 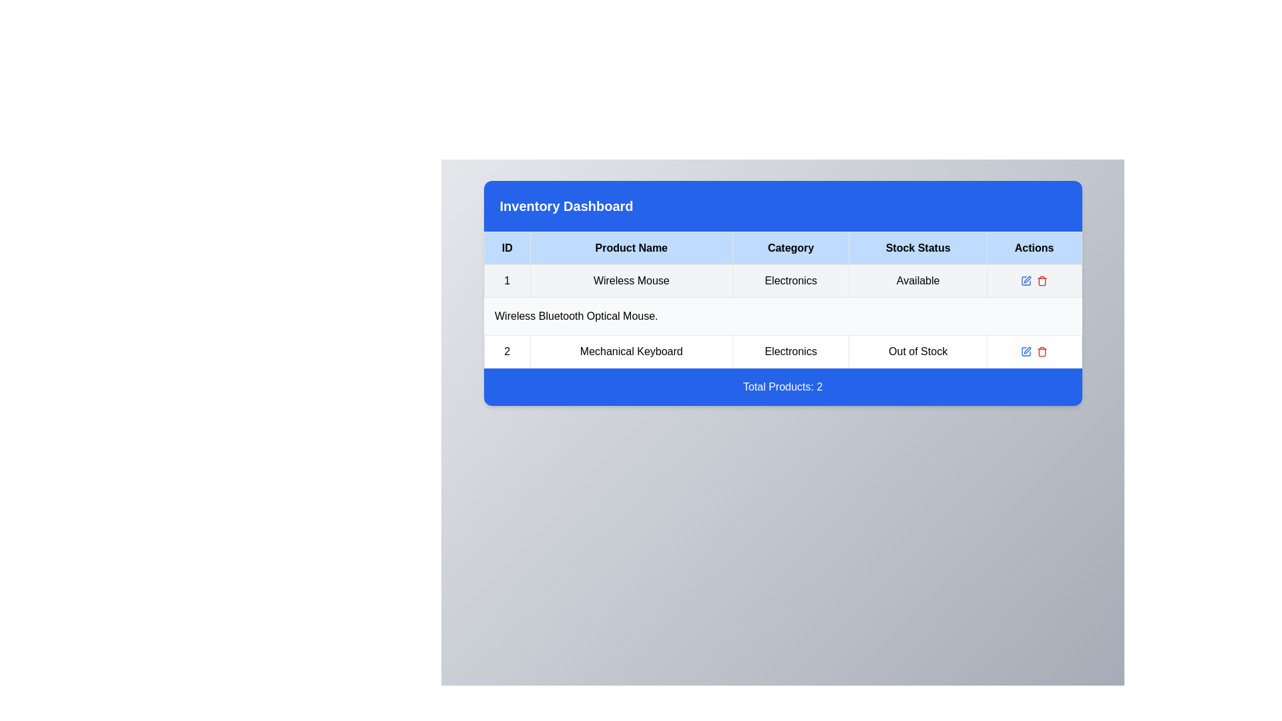 What do you see at coordinates (917, 351) in the screenshot?
I see `the 'Out of Stock' label indicating the unavailability of the Mechanical Keyboard product, located in the Stock Status column` at bounding box center [917, 351].